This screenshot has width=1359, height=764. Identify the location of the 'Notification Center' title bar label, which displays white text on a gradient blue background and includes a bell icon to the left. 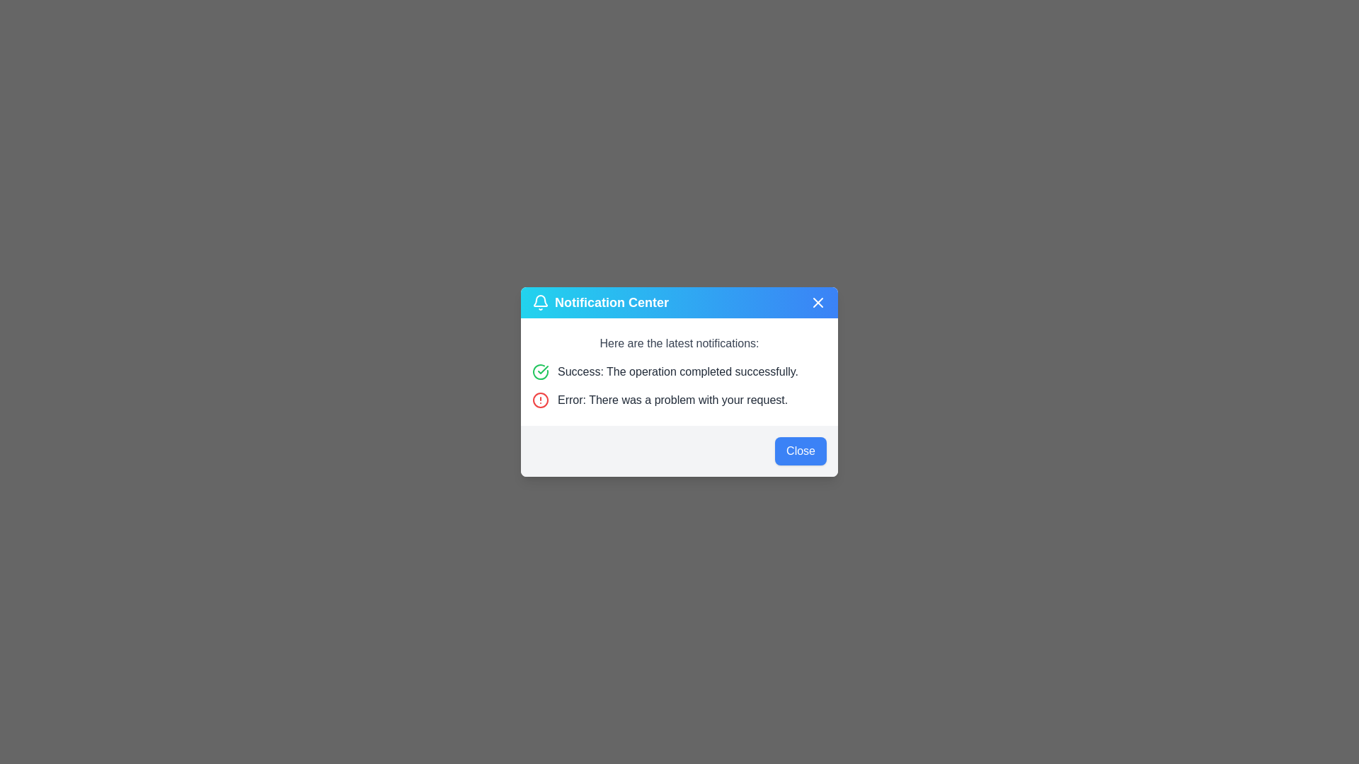
(600, 302).